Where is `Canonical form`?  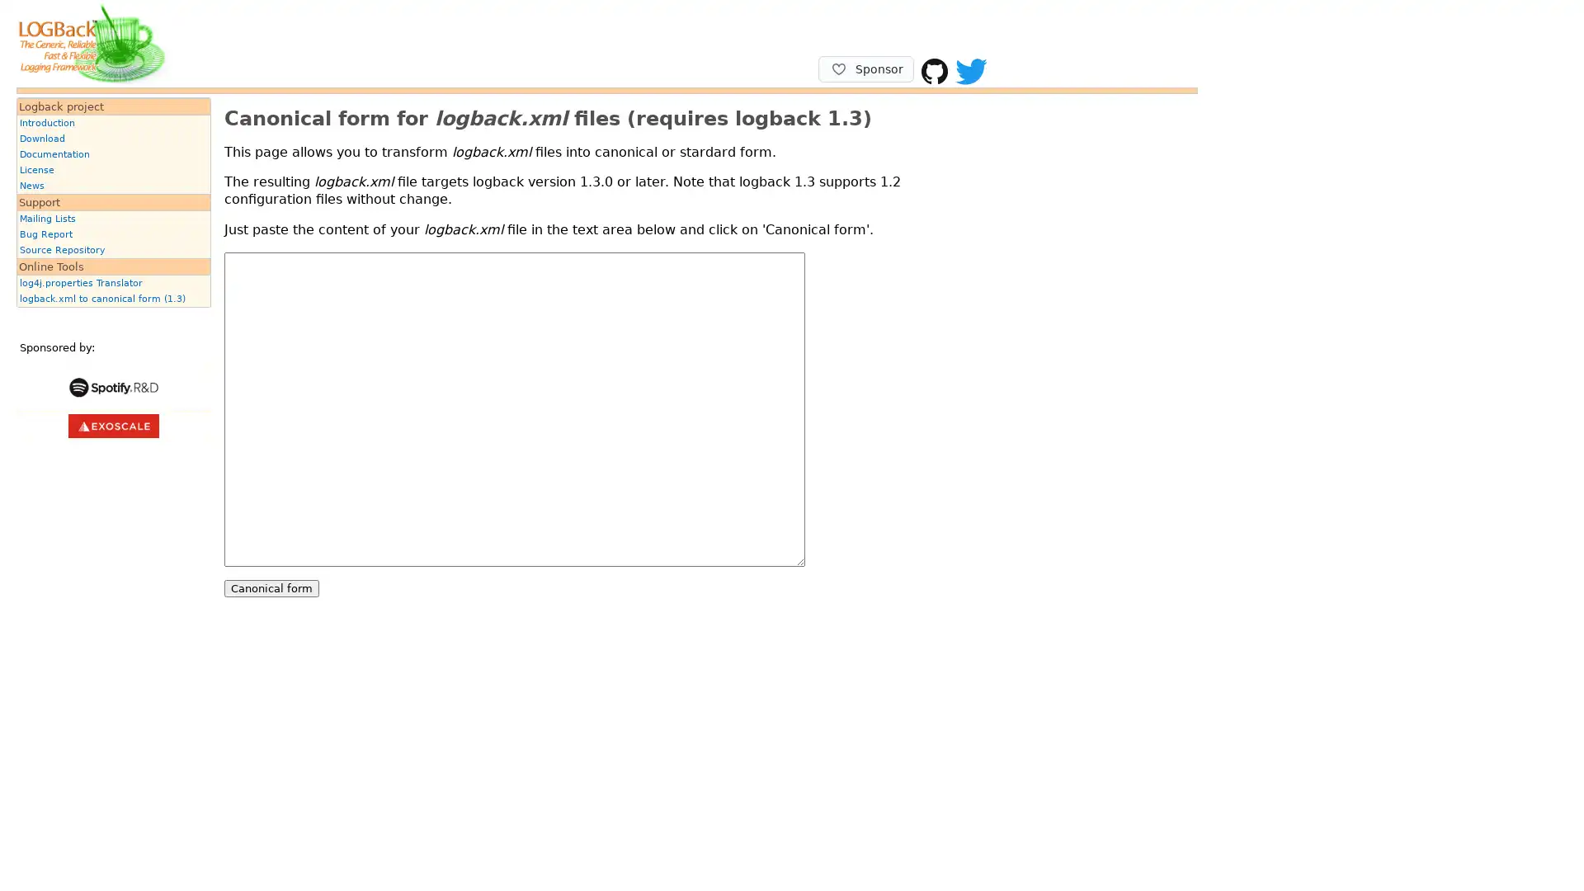 Canonical form is located at coordinates (271, 587).